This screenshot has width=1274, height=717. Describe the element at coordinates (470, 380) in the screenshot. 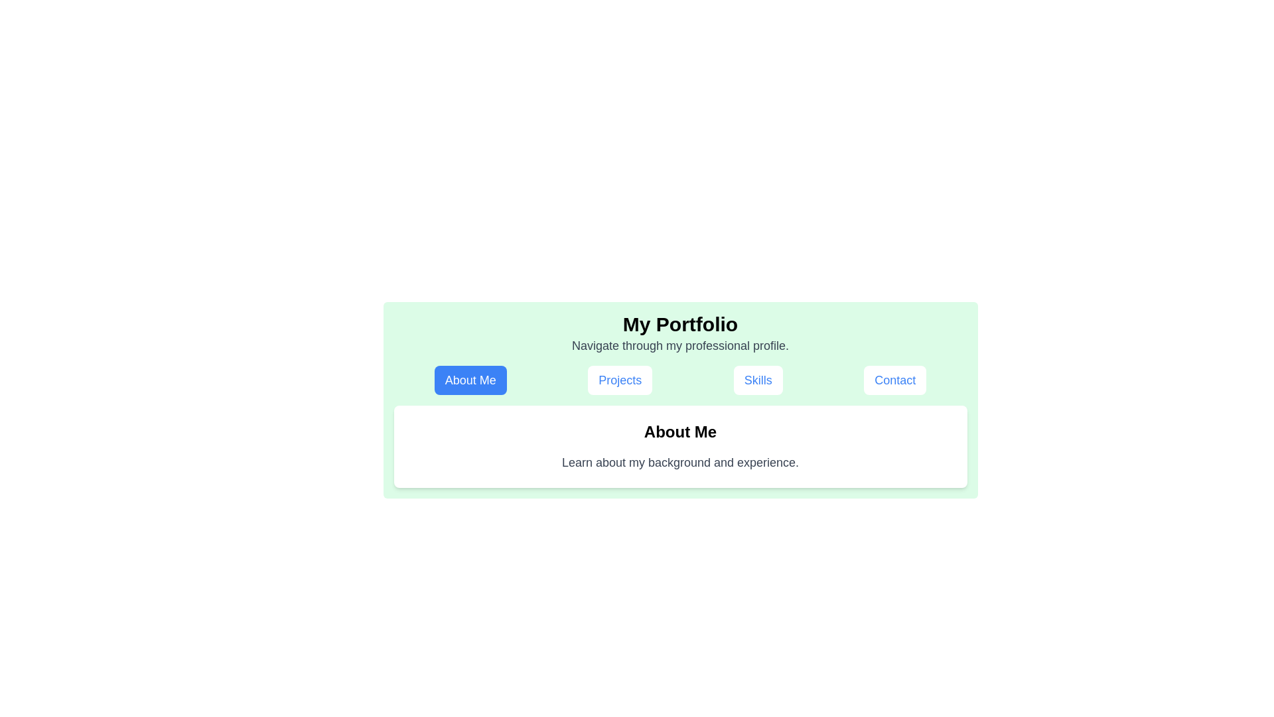

I see `the About Me tab to display its content` at that location.